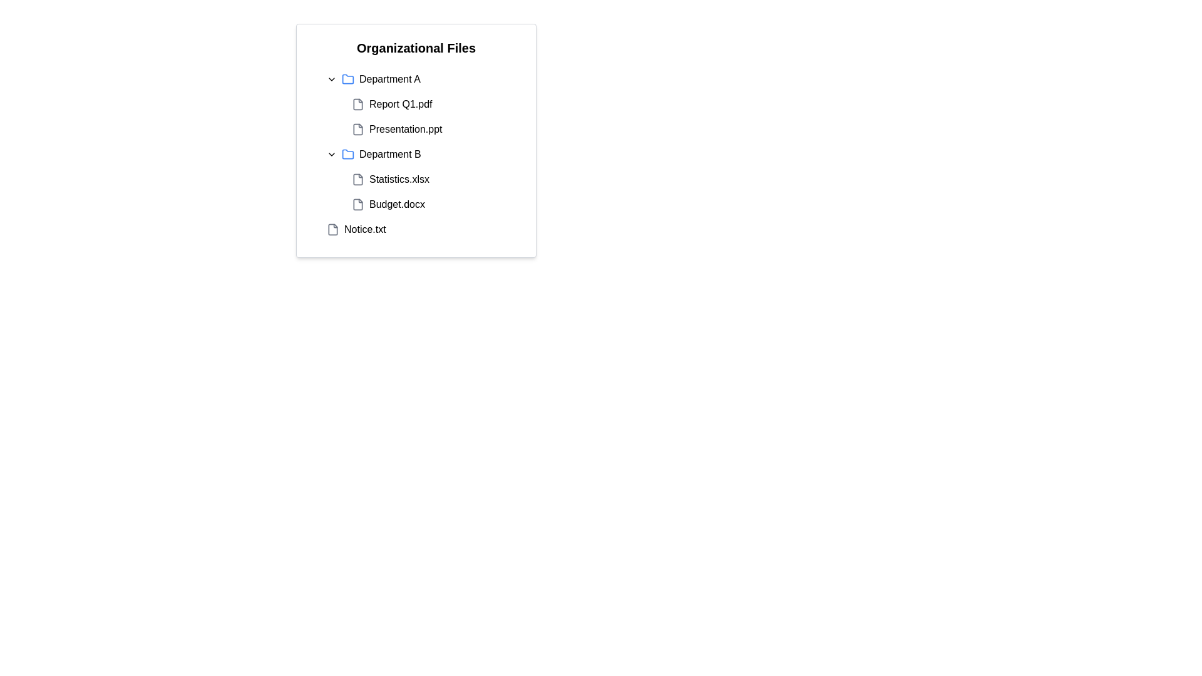 The height and width of the screenshot is (676, 1202). Describe the element at coordinates (364, 229) in the screenshot. I see `the text label 'Notice.txt' in the file directory interface` at that location.